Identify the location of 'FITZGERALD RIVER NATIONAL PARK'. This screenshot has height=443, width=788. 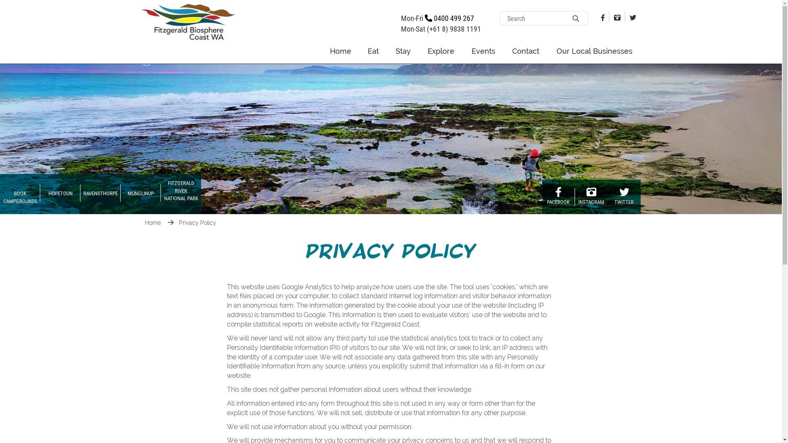
(181, 194).